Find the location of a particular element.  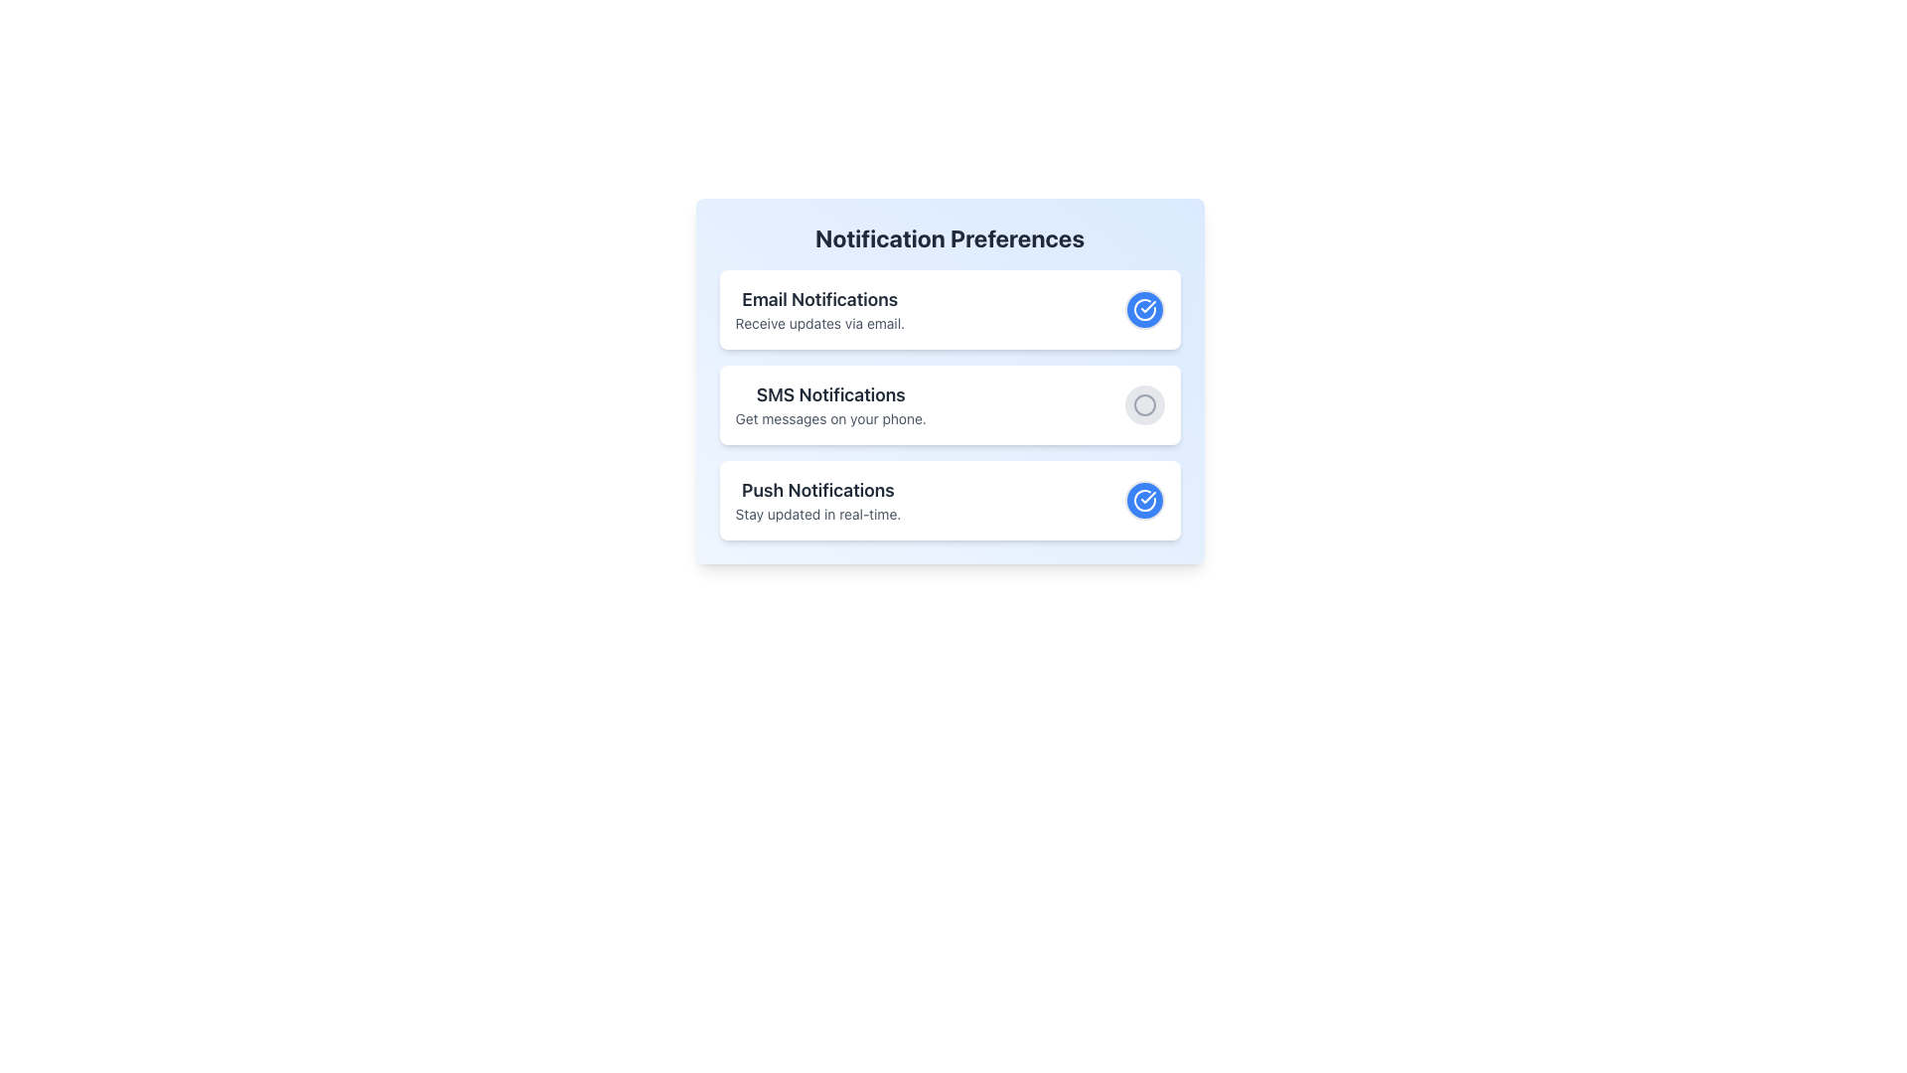

the 'Email Notifications' text label, which is a bold, large dark gray label positioned at the top-left corner of the notification preference block is located at coordinates (819, 299).